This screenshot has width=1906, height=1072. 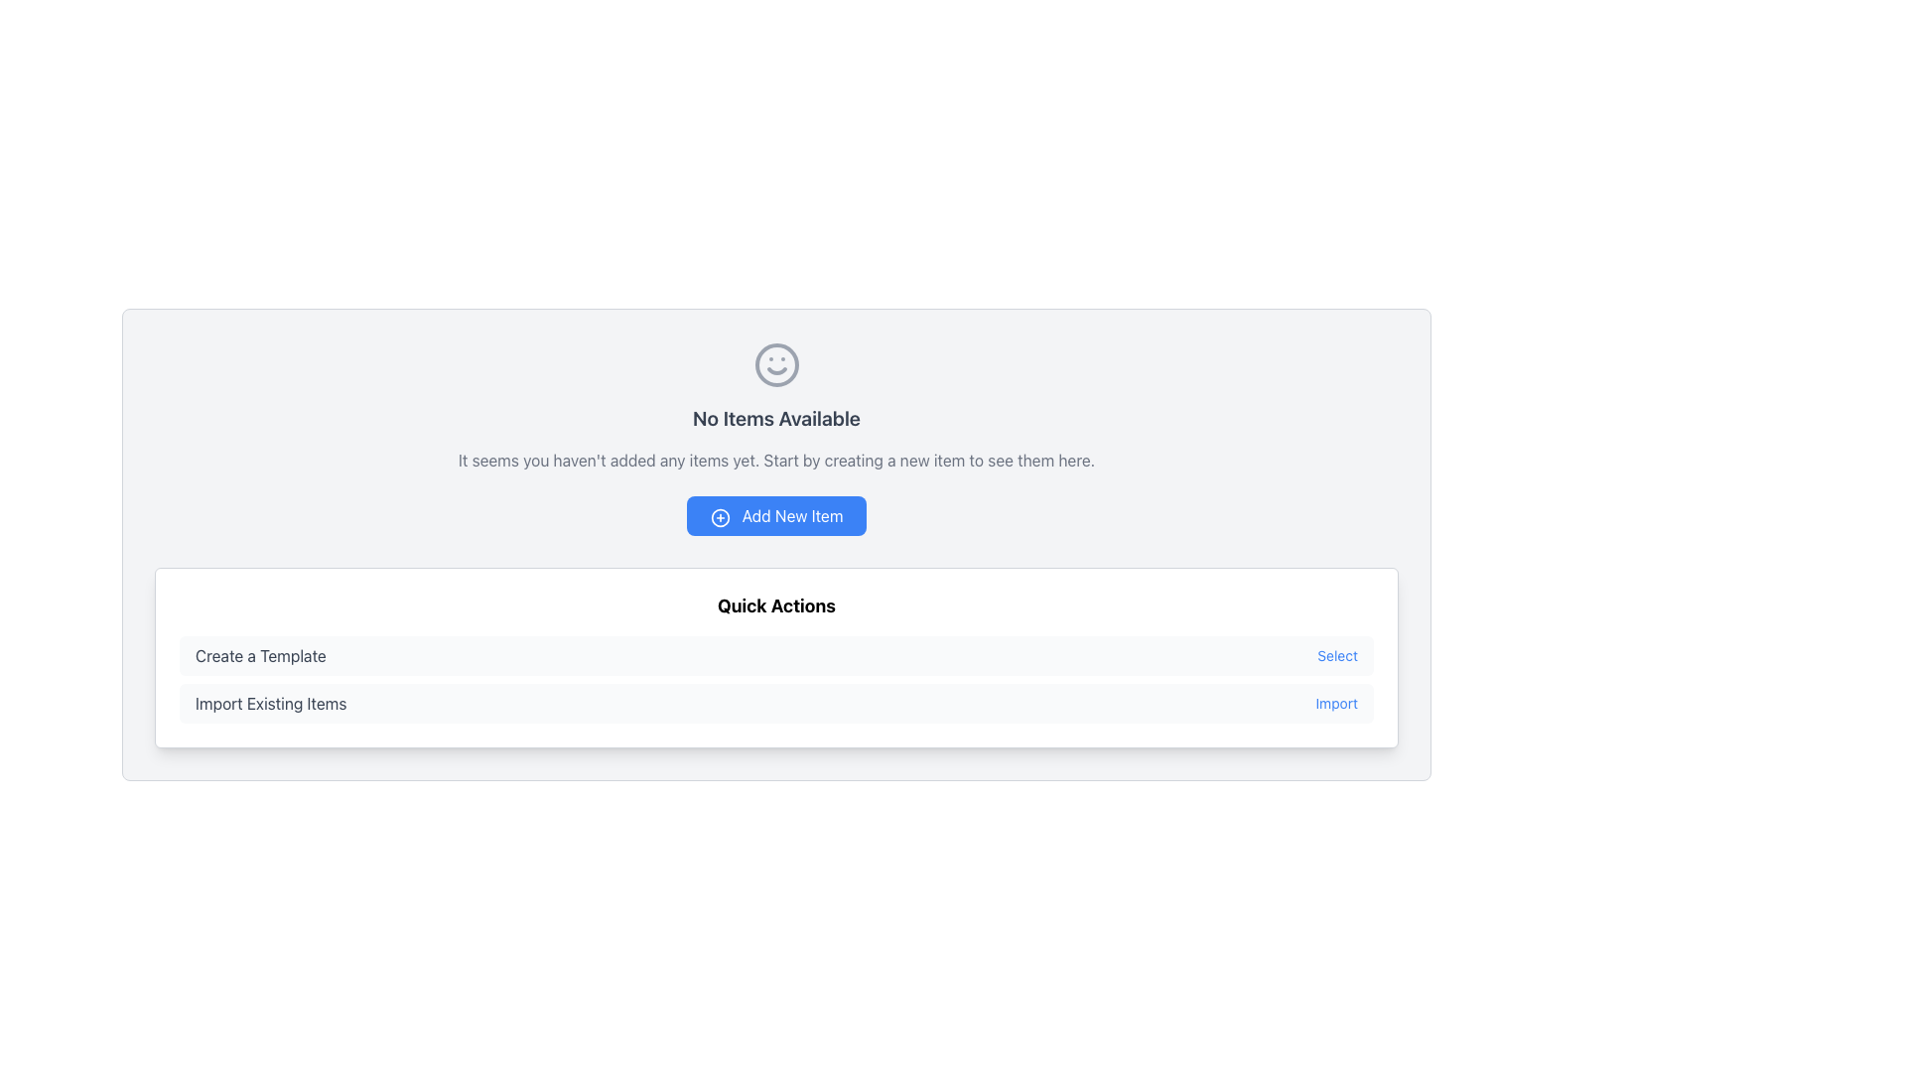 I want to click on the blue hyperlink labeled 'Import' in the List item titled 'Import Existing Items', which is the second item in the 'Quick Actions' vertical list, so click(x=775, y=703).